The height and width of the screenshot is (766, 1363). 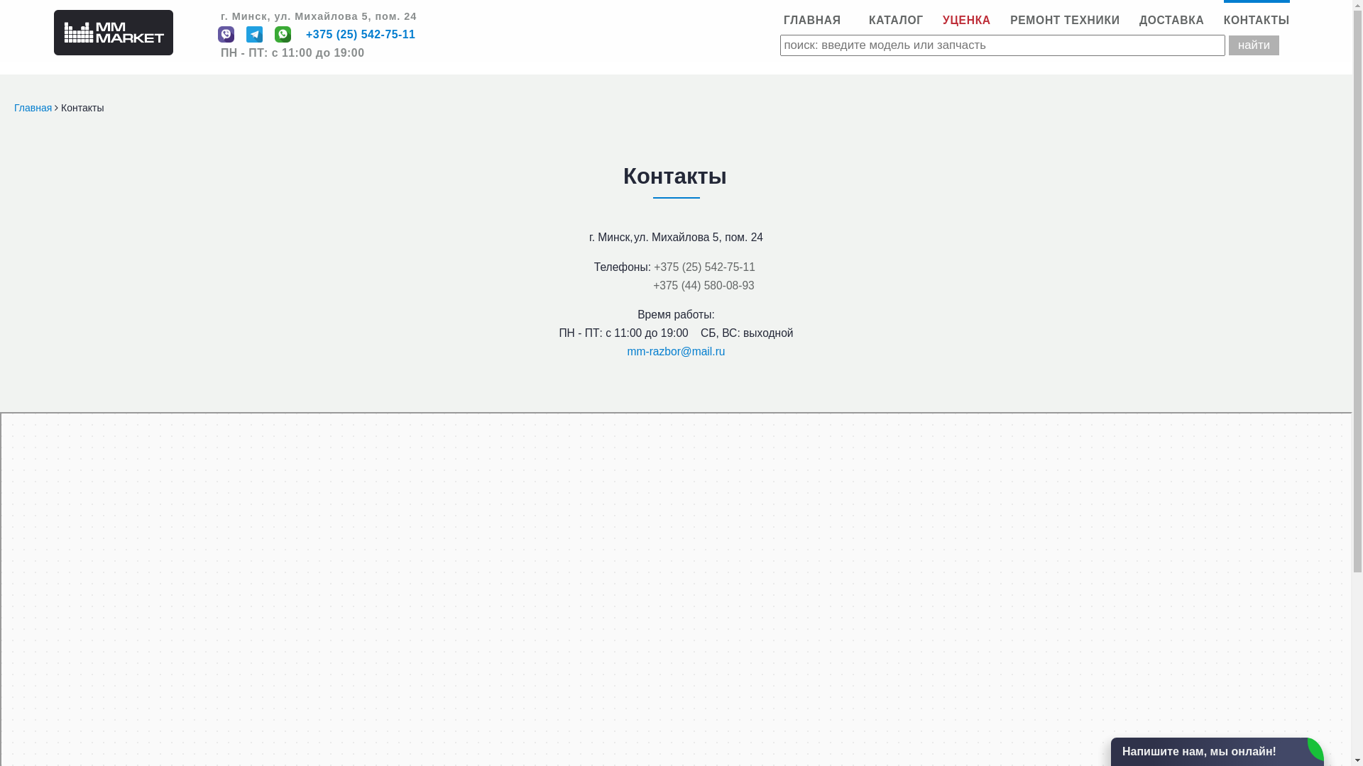 What do you see at coordinates (361, 34) in the screenshot?
I see `'+375 (25) 542-75-11'` at bounding box center [361, 34].